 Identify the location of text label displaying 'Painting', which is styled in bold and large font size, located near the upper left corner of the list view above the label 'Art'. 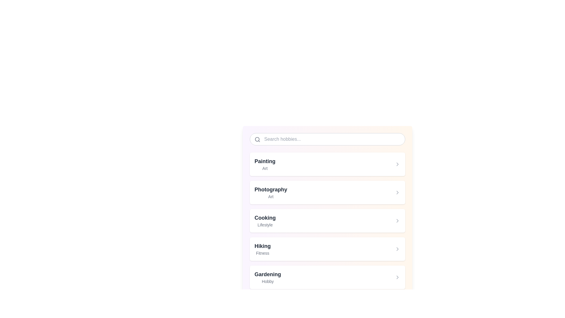
(265, 161).